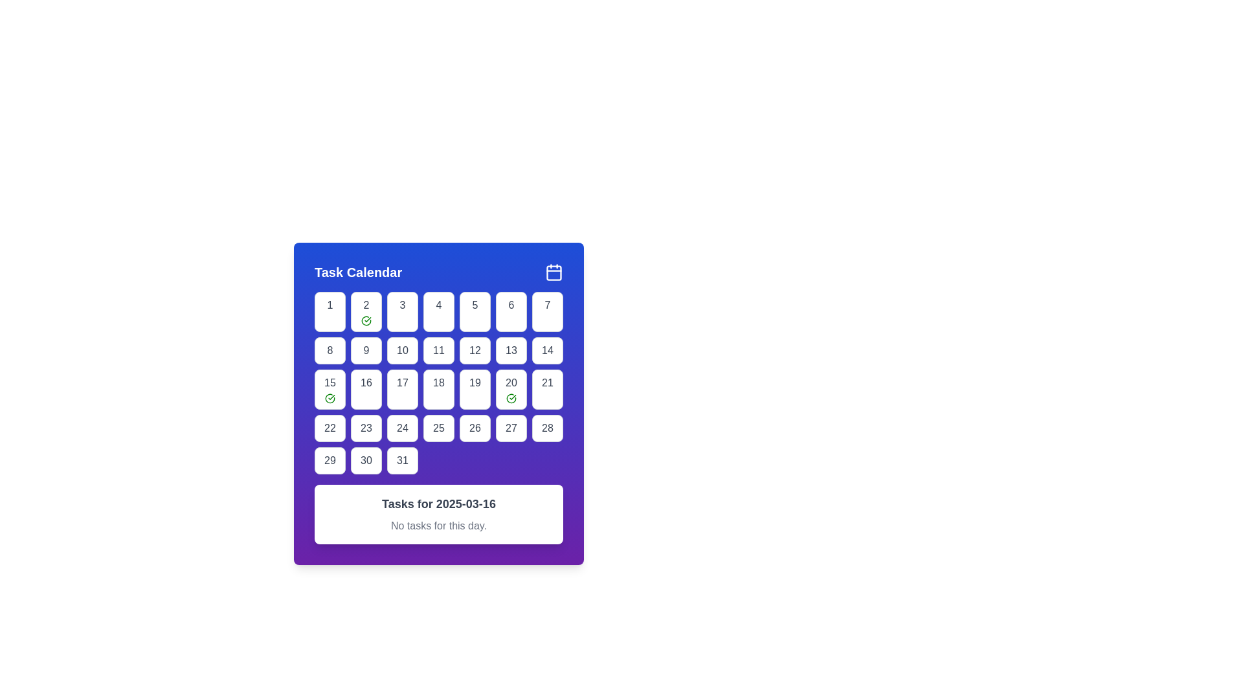 This screenshot has width=1243, height=699. I want to click on the text '3' which is styled in bold and centered within a square button in the 'Task Calendar' modal, so click(402, 305).